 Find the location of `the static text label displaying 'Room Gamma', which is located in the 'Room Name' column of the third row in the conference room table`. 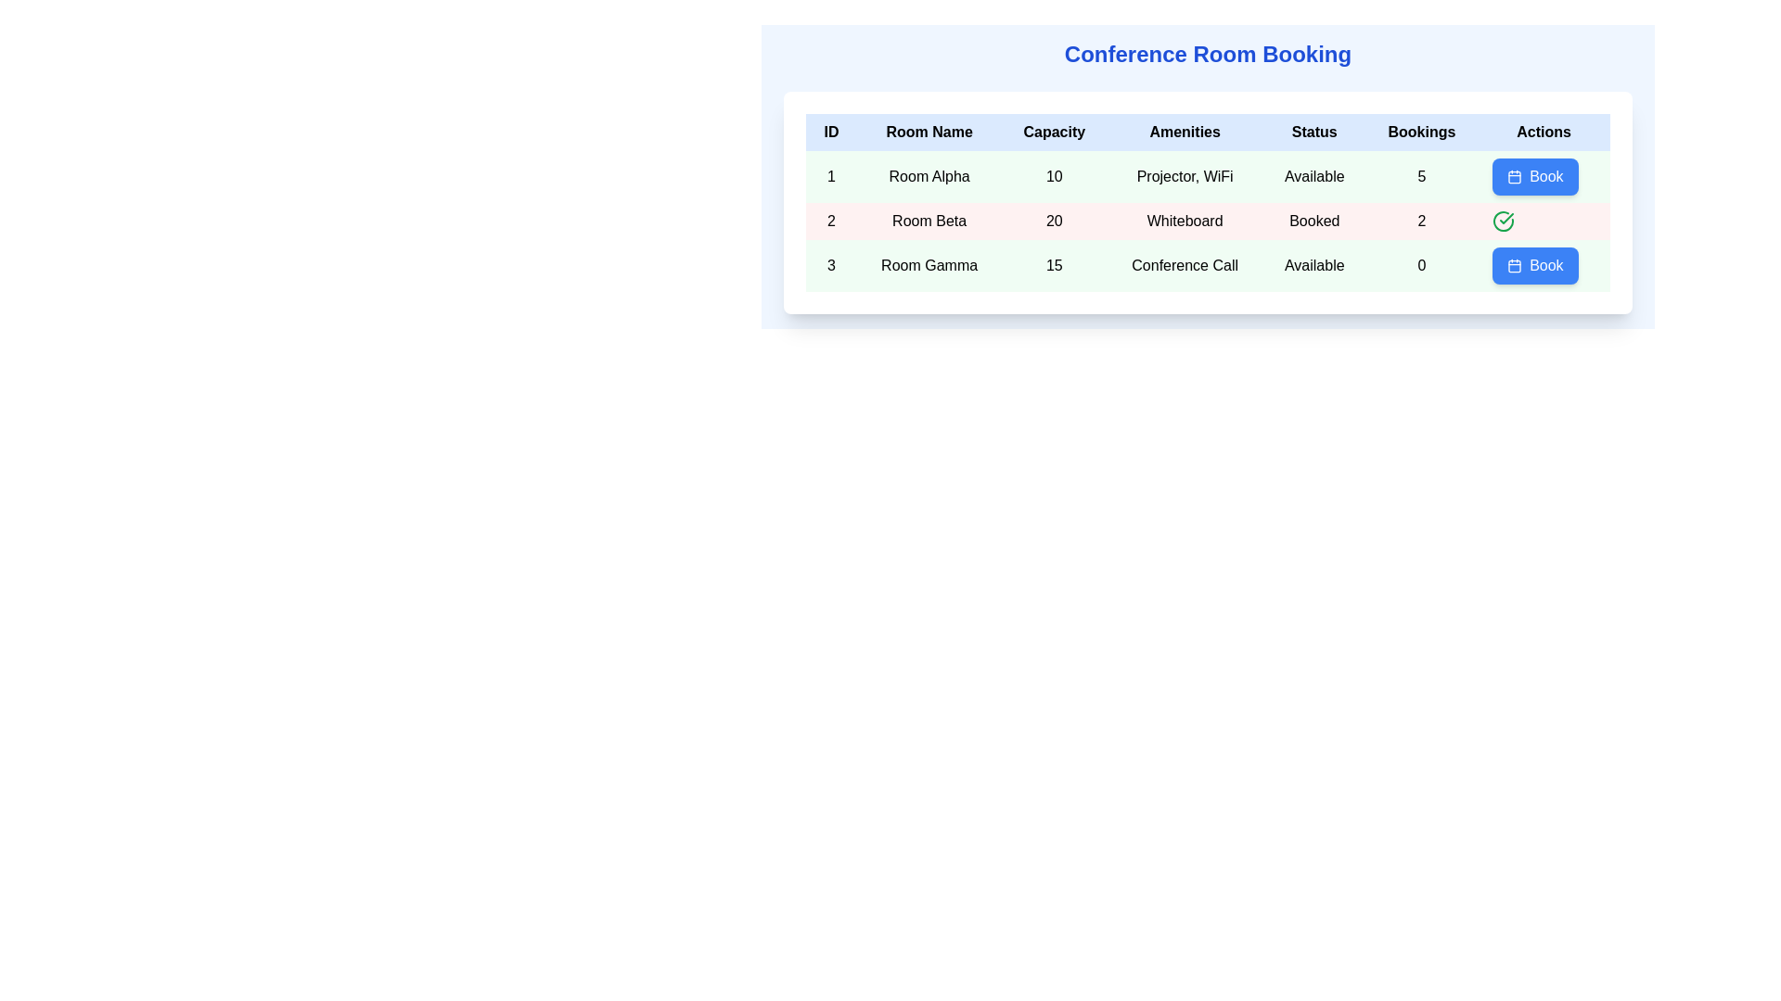

the static text label displaying 'Room Gamma', which is located in the 'Room Name' column of the third row in the conference room table is located at coordinates (929, 265).